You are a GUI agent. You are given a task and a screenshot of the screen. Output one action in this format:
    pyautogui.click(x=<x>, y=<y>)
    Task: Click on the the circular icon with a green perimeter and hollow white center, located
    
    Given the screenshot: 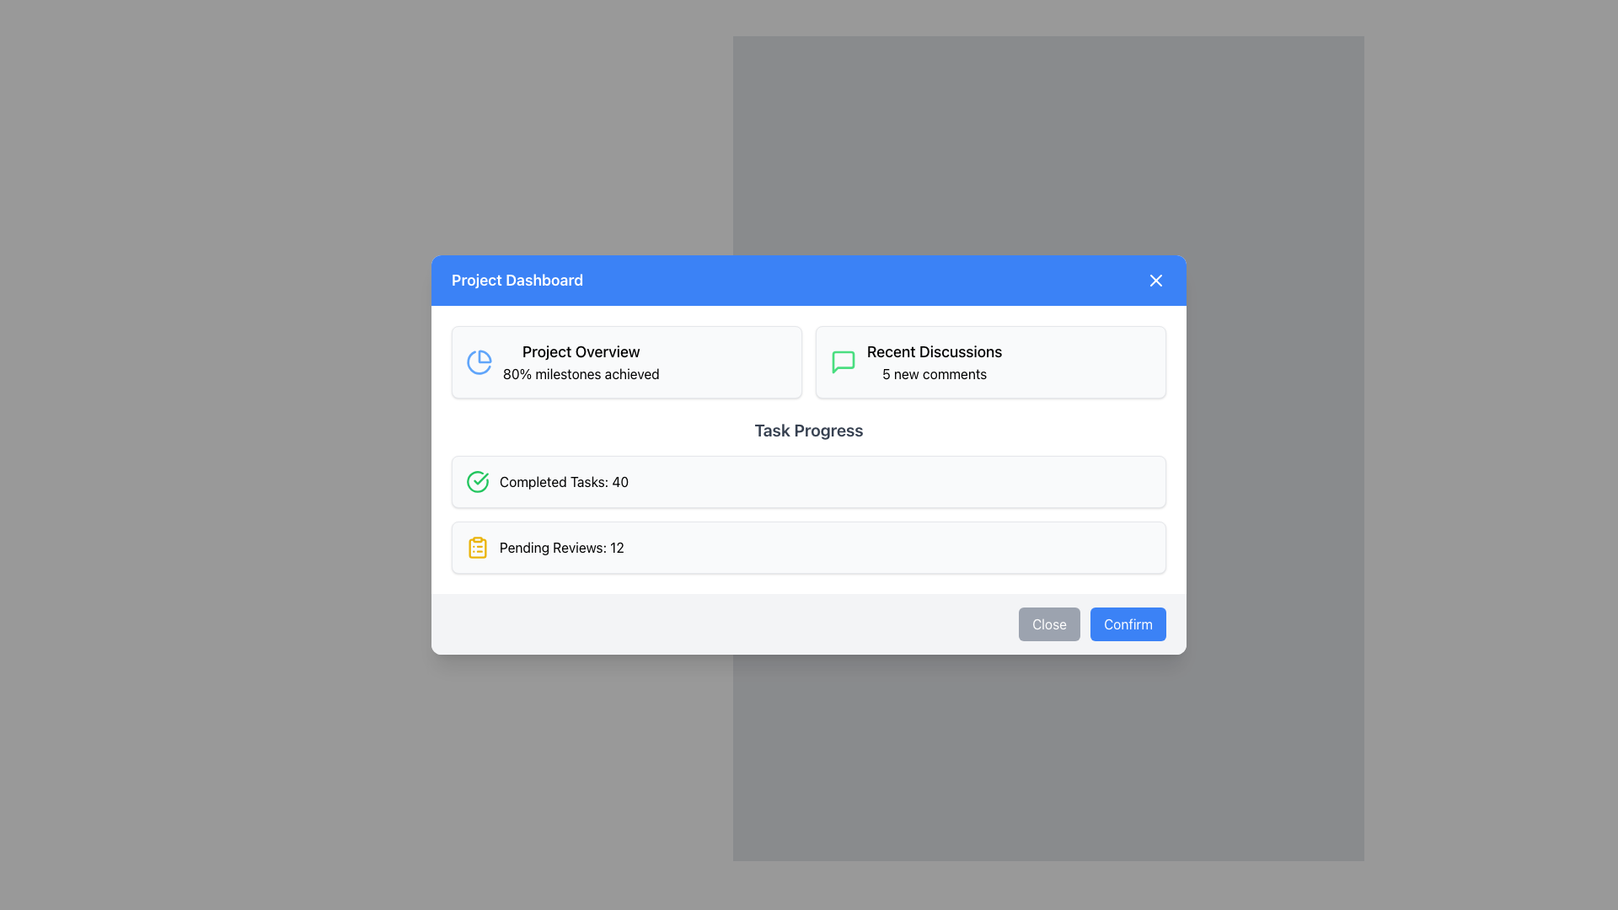 What is the action you would take?
    pyautogui.click(x=476, y=481)
    